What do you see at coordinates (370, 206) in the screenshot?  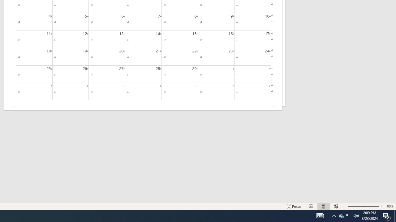 I see `'Zoom In'` at bounding box center [370, 206].